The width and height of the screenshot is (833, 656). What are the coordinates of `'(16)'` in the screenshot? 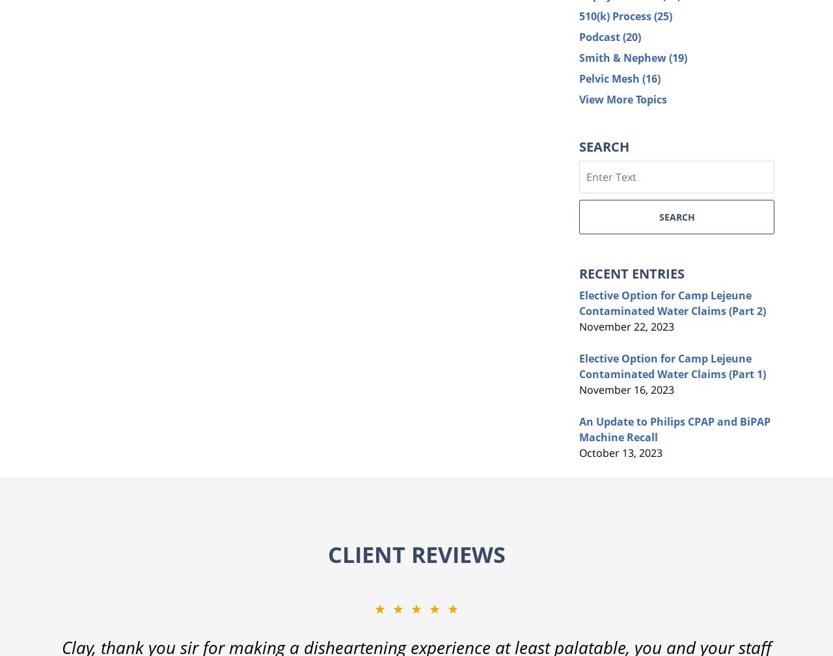 It's located at (651, 77).